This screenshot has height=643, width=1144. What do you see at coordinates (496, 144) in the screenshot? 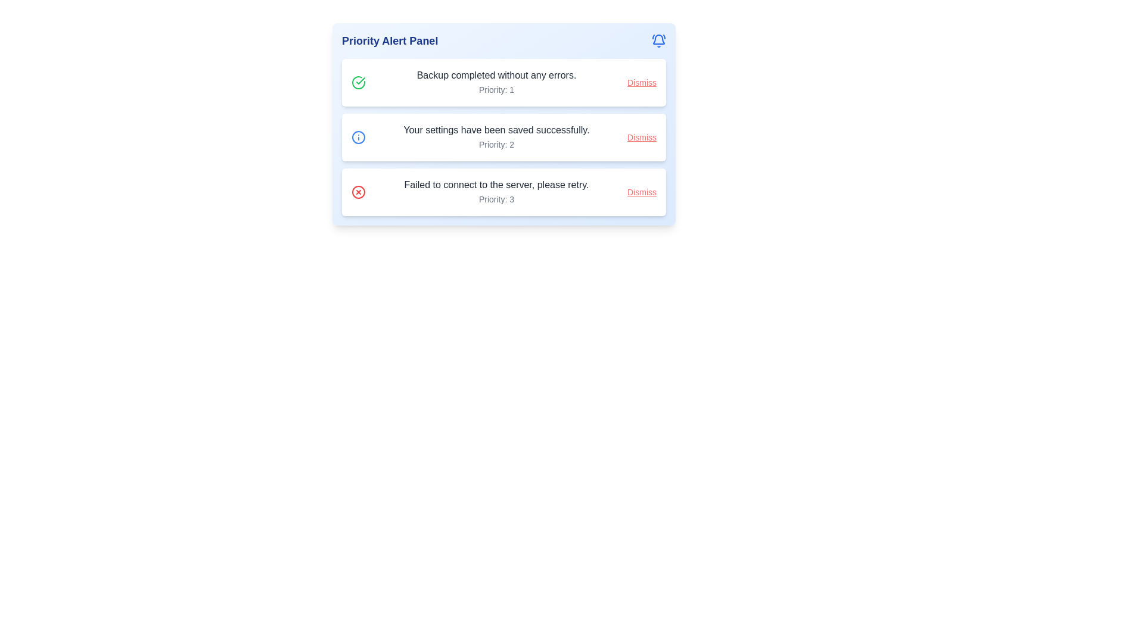
I see `the static text element that displays the priority level of the notification message, located below the message 'Your settings have been saved successfully.' in the middle notification card` at bounding box center [496, 144].